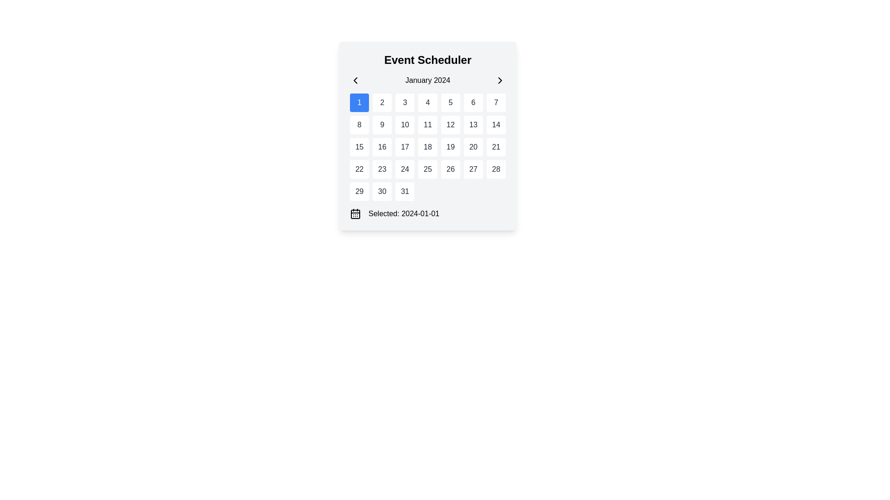 Image resolution: width=890 pixels, height=500 pixels. What do you see at coordinates (496, 169) in the screenshot?
I see `the button representing the 28th day of January 2024 in the calendar` at bounding box center [496, 169].